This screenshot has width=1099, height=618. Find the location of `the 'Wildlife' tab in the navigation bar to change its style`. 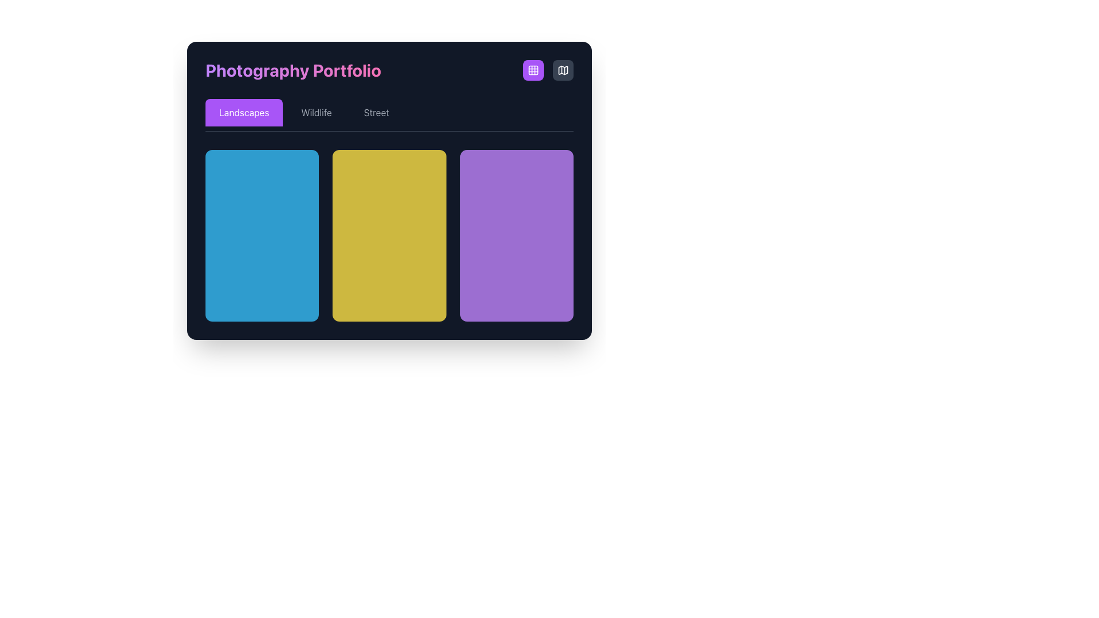

the 'Wildlife' tab in the navigation bar to change its style is located at coordinates (317, 112).